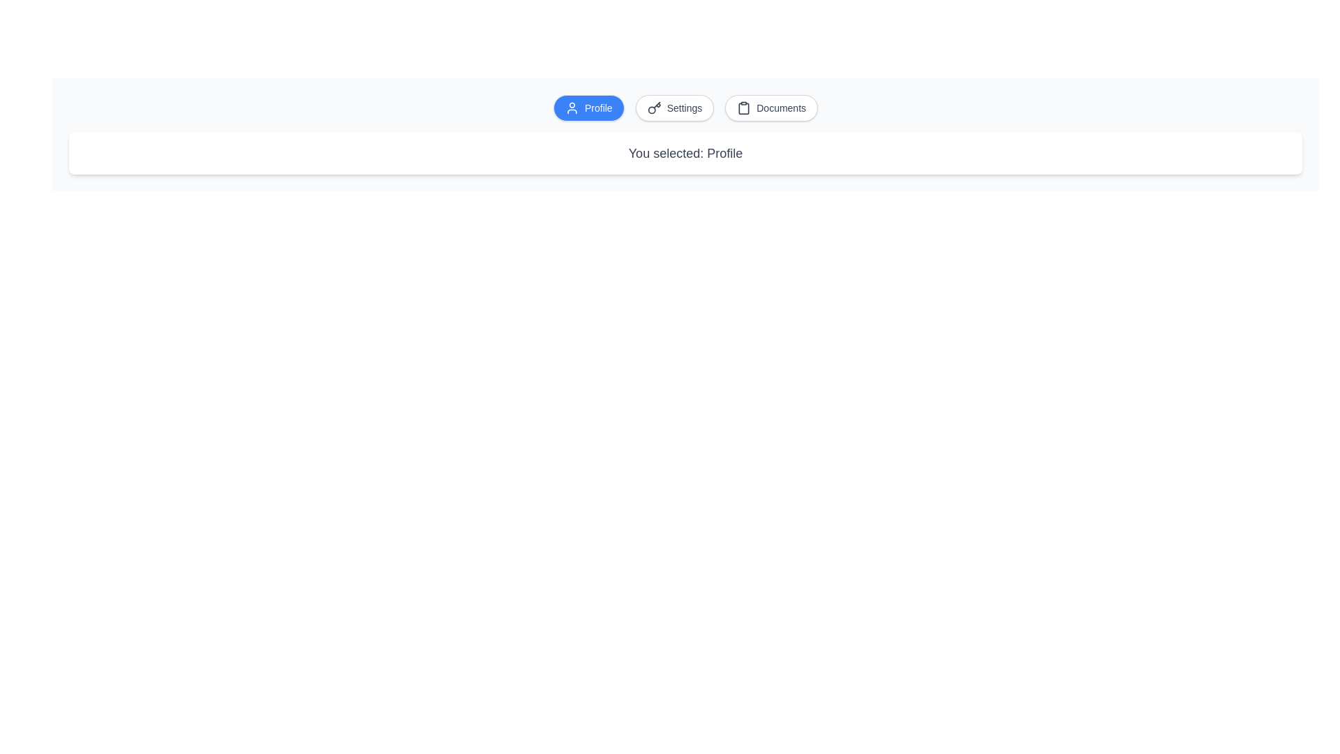  What do you see at coordinates (770, 107) in the screenshot?
I see `the navigation button located in the horizontal navigation bar, which is the third button after 'Profile' and 'Settings'` at bounding box center [770, 107].